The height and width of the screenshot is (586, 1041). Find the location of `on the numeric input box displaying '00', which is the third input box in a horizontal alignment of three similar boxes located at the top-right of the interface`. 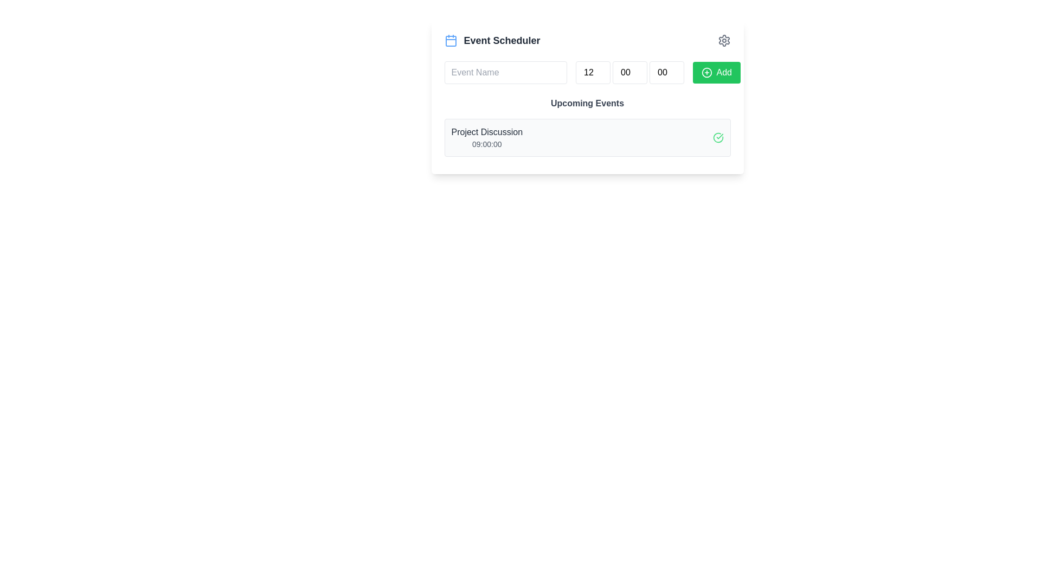

on the numeric input box displaying '00', which is the third input box in a horizontal alignment of three similar boxes located at the top-right of the interface is located at coordinates (666, 73).